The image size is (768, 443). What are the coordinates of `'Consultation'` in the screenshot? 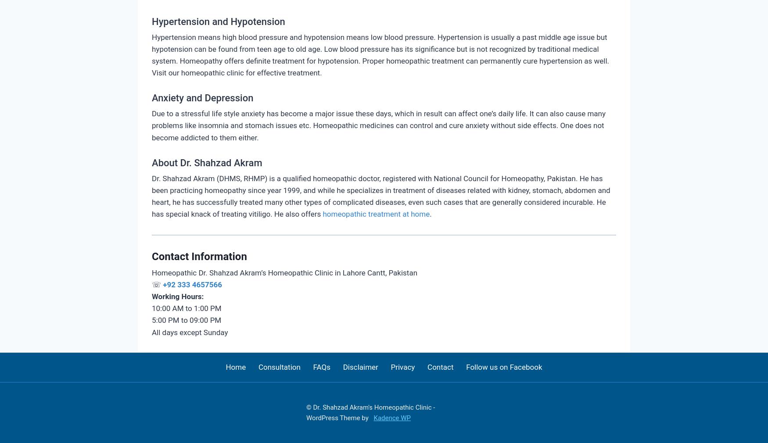 It's located at (258, 366).